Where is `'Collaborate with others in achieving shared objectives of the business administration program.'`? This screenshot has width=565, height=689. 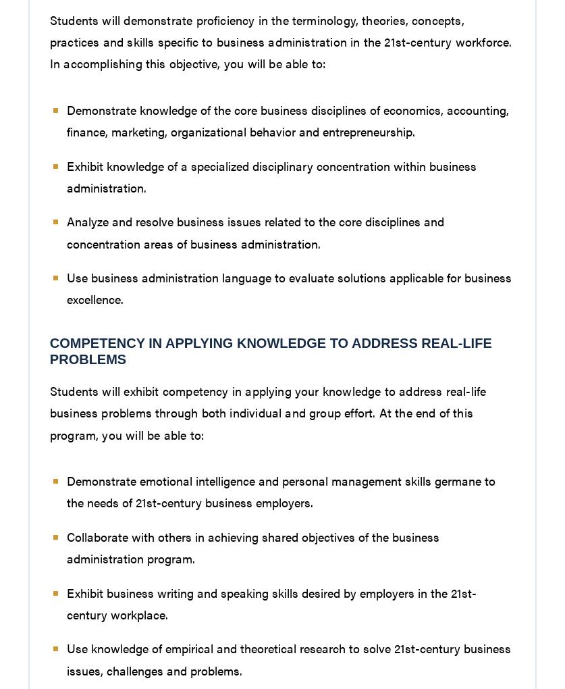 'Collaborate with others in achieving shared objectives of the business administration program.' is located at coordinates (66, 546).